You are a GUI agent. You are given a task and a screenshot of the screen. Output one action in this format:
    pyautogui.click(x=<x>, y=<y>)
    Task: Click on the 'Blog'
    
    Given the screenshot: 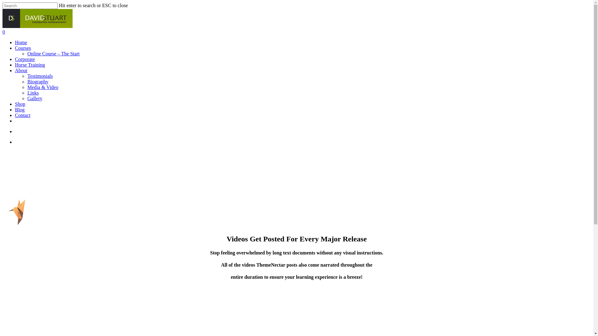 What is the action you would take?
    pyautogui.click(x=20, y=109)
    